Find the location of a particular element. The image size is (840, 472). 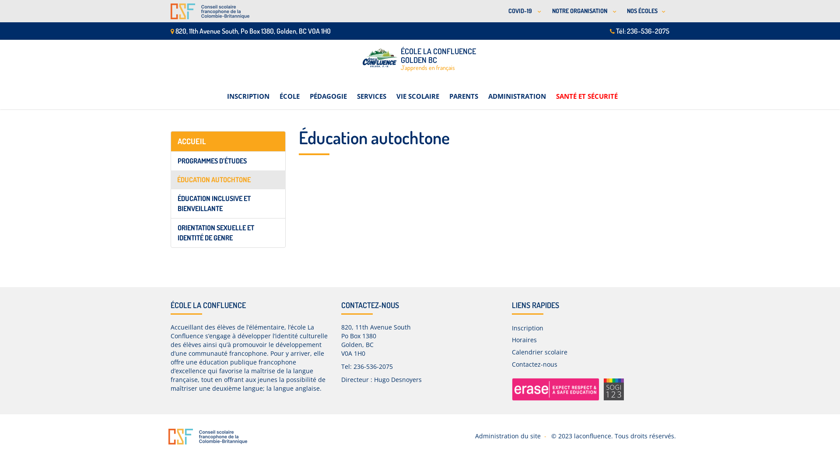

'VIE SCOLAIRE' is located at coordinates (417, 91).